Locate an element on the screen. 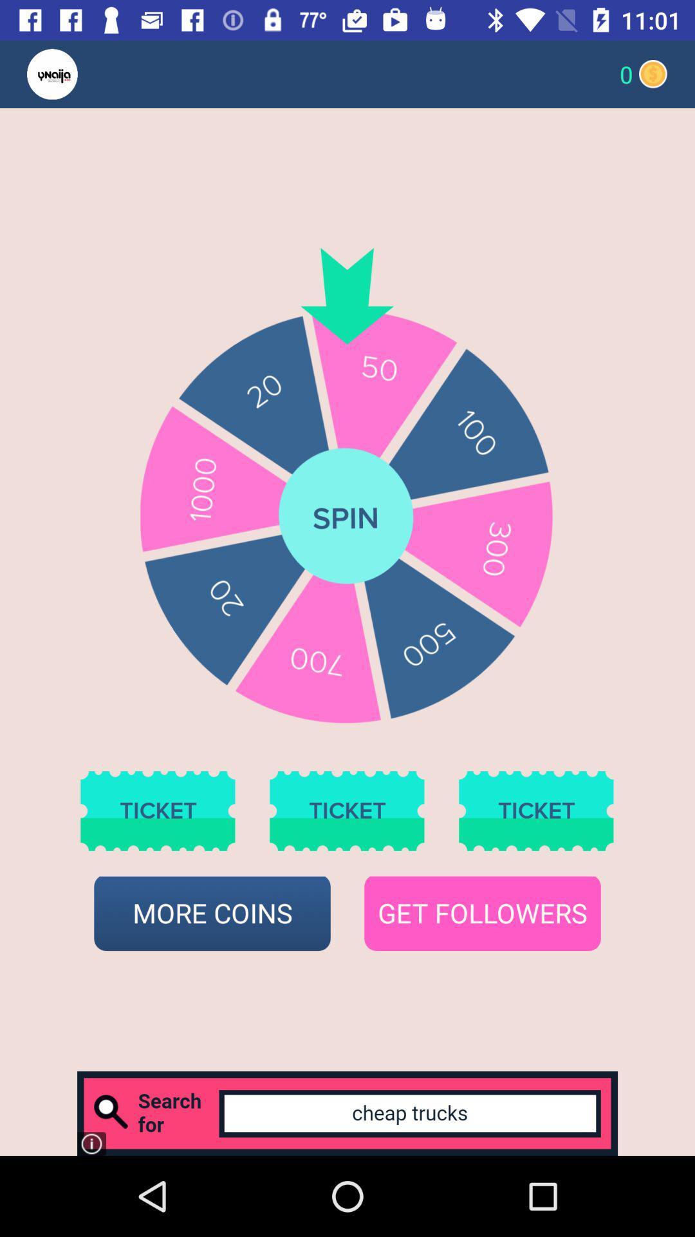 The width and height of the screenshot is (695, 1237). icon next to the 20  icon is located at coordinates (77, 73).